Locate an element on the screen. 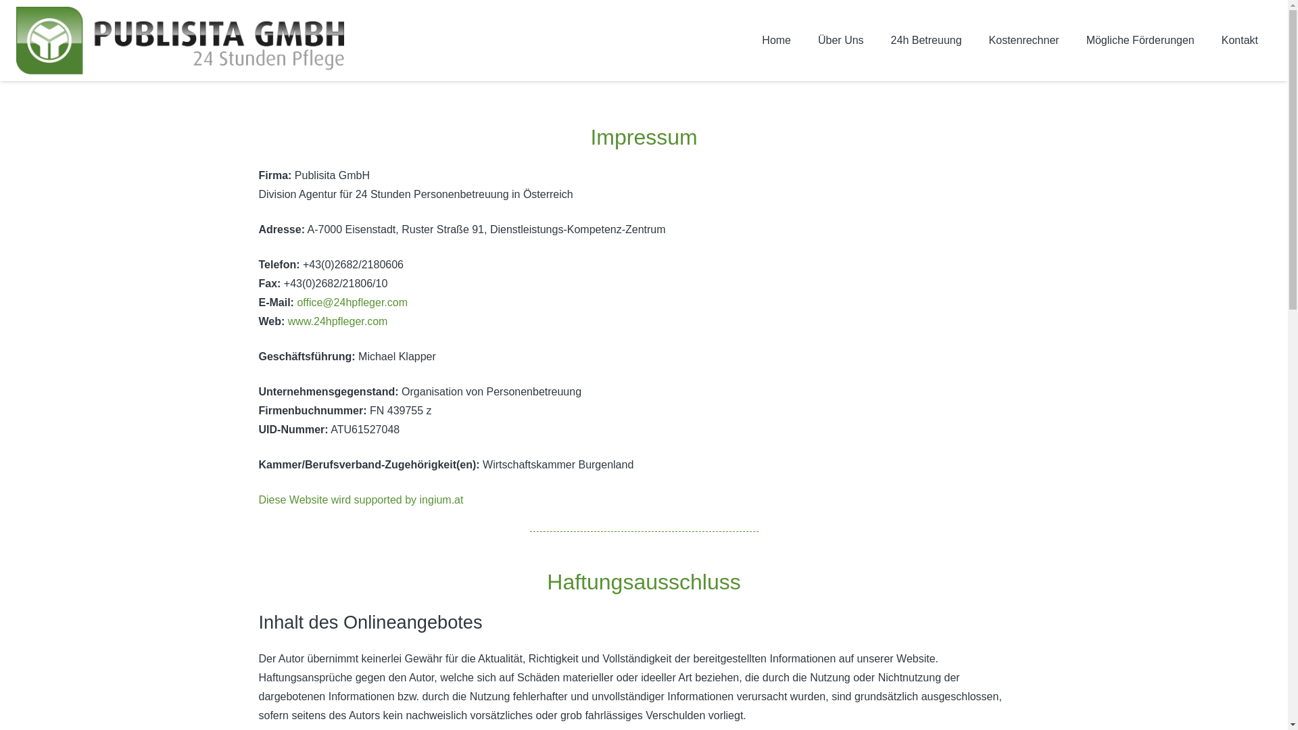 This screenshot has width=1298, height=730. 'Kostenrechner' is located at coordinates (976, 40).